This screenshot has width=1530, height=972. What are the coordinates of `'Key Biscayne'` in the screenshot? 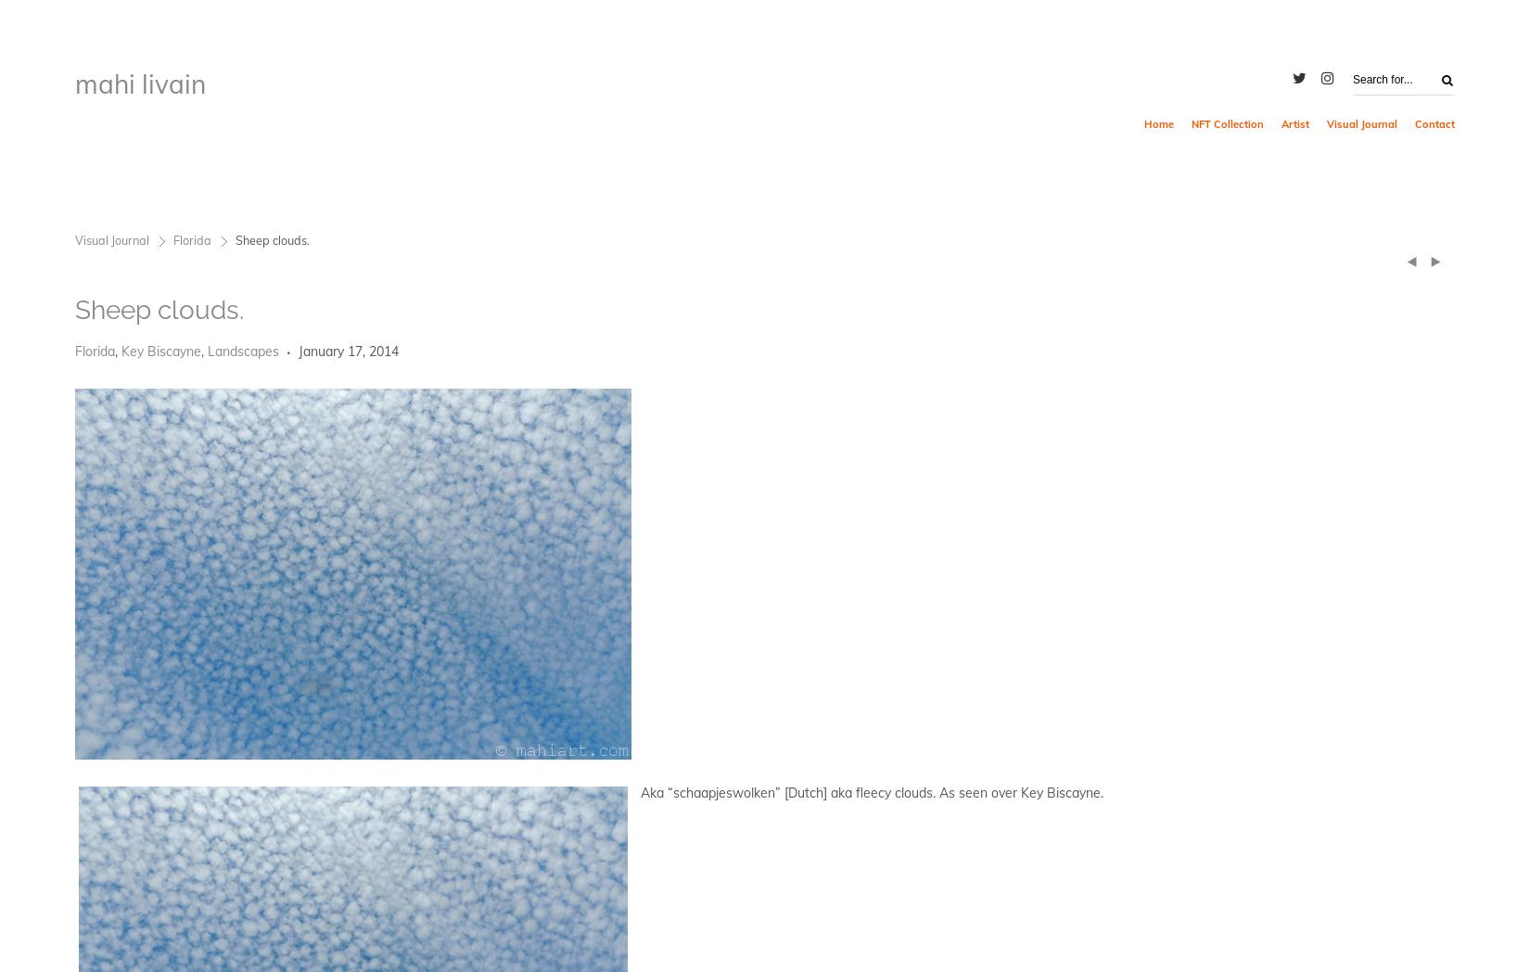 It's located at (161, 350).